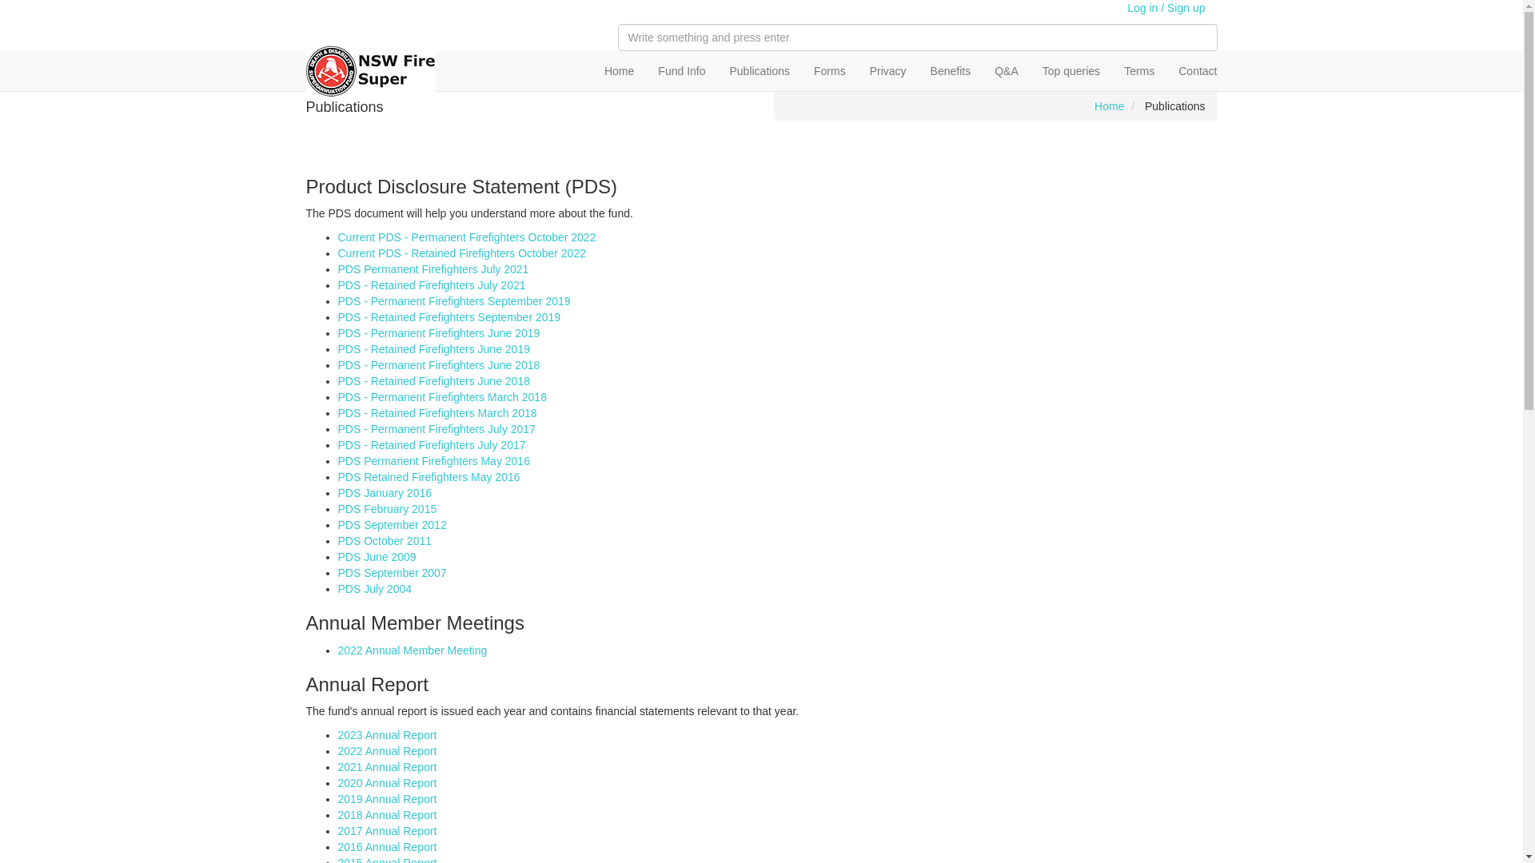  What do you see at coordinates (1197, 70) in the screenshot?
I see `'Contact'` at bounding box center [1197, 70].